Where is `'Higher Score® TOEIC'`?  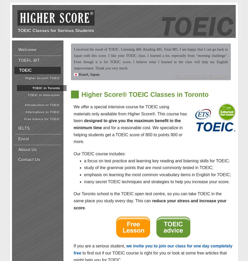 'Higher Score® TOEIC' is located at coordinates (43, 78).